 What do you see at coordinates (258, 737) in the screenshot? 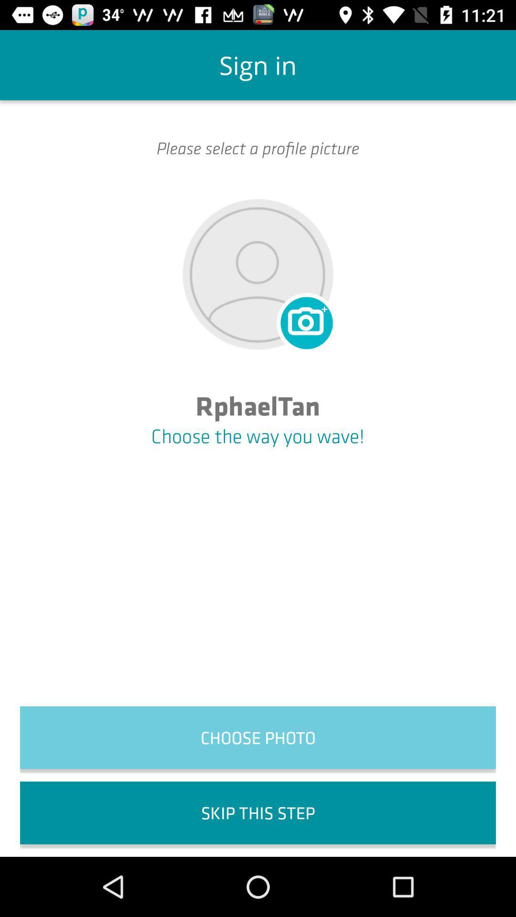
I see `the icon below choose the way icon` at bounding box center [258, 737].